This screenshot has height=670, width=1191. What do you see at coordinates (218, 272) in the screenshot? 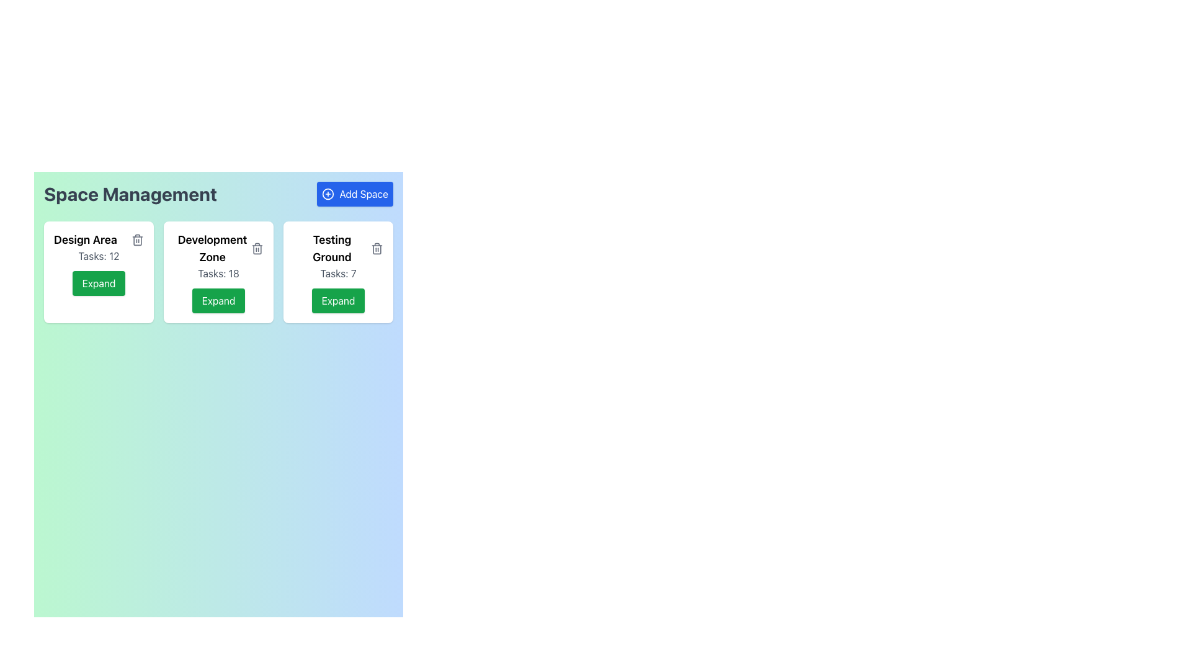
I see `the non-interactive informational Text Label that shows the count of tasks associated with the 'Development Zone', located below the 'Development Zone' title and above the 'Expand' button` at bounding box center [218, 272].